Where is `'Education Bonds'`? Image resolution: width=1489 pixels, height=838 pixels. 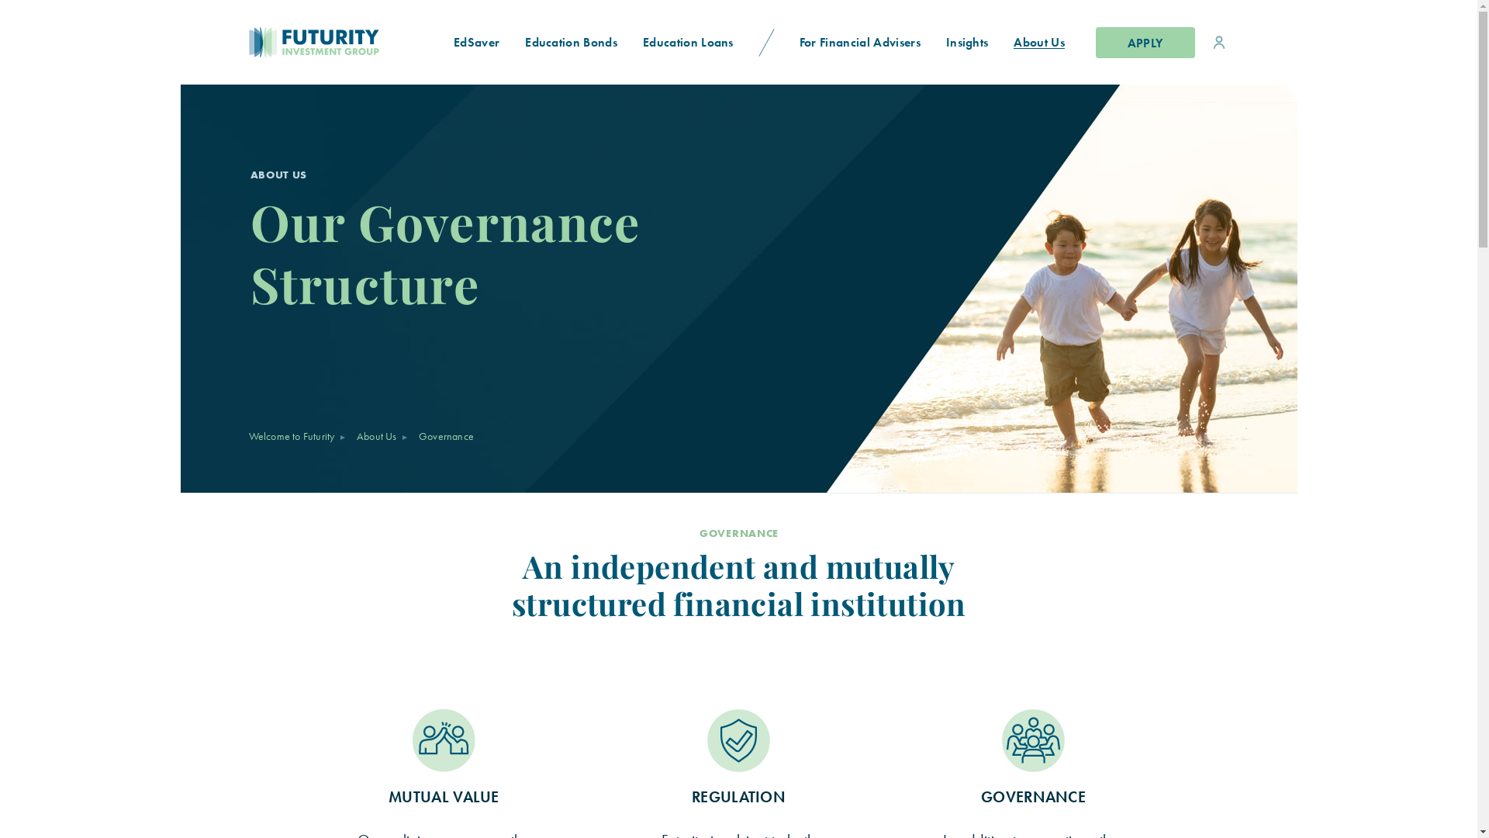 'Education Bonds' is located at coordinates (571, 41).